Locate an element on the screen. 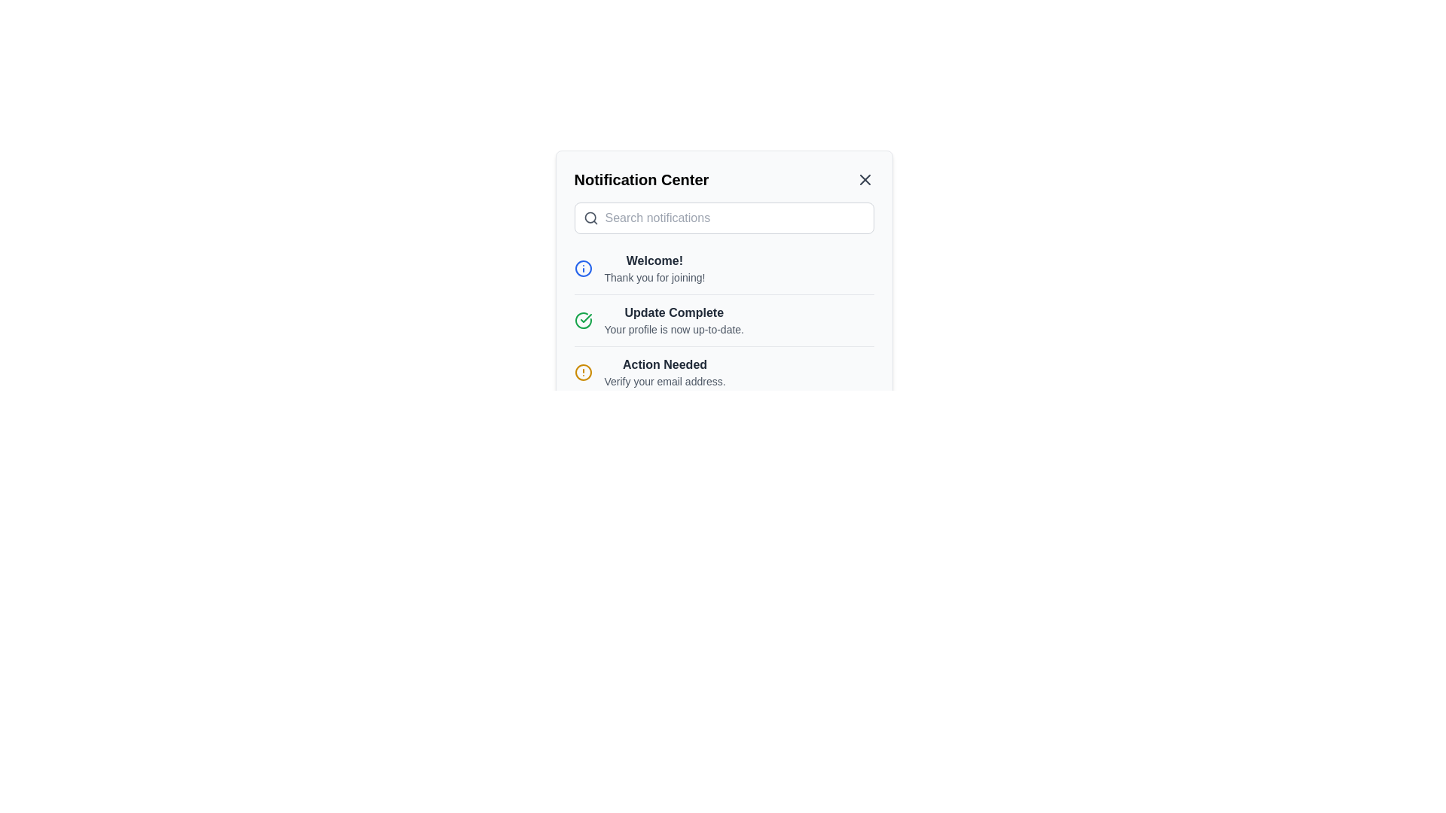 This screenshot has height=813, width=1446. the first notification in the notification center panel that displays 'Welcome!' in bold and 'Thank you for joining!' in a smaller font is located at coordinates (654, 268).